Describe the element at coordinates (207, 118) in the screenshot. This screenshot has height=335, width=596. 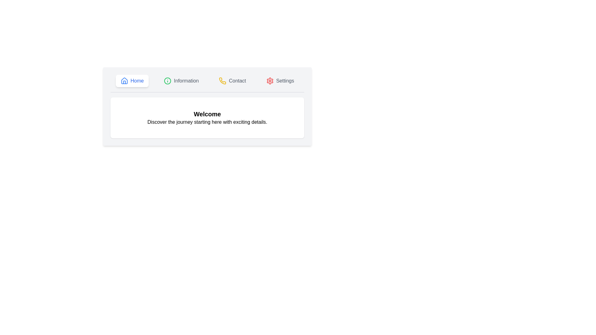
I see `information displayed in the Text section element that features bold text saying 'Welcome' and smaller text 'Discover the journey starting here with exciting details.'` at that location.